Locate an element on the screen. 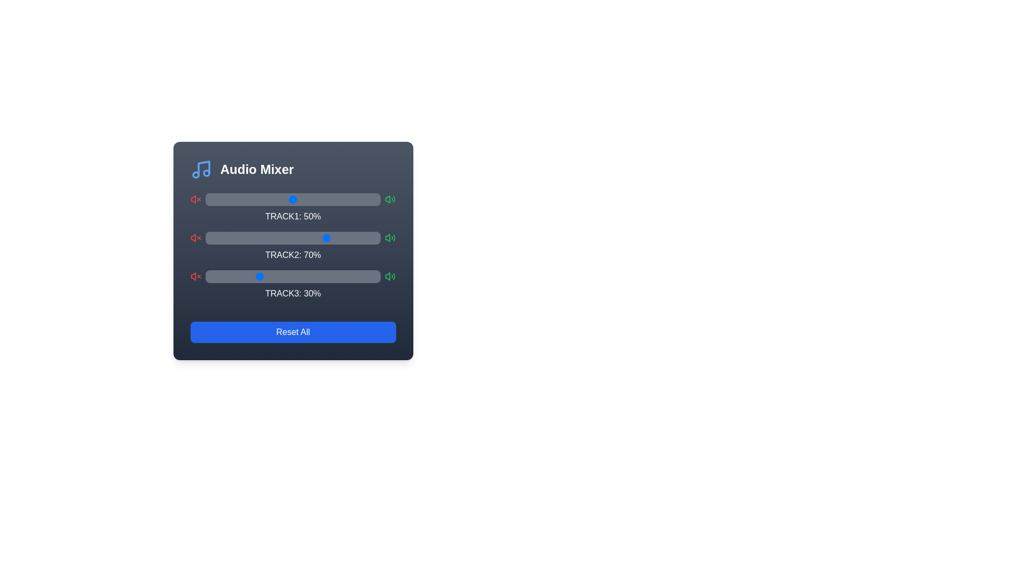  the loud icon for Track 1 is located at coordinates (390, 200).